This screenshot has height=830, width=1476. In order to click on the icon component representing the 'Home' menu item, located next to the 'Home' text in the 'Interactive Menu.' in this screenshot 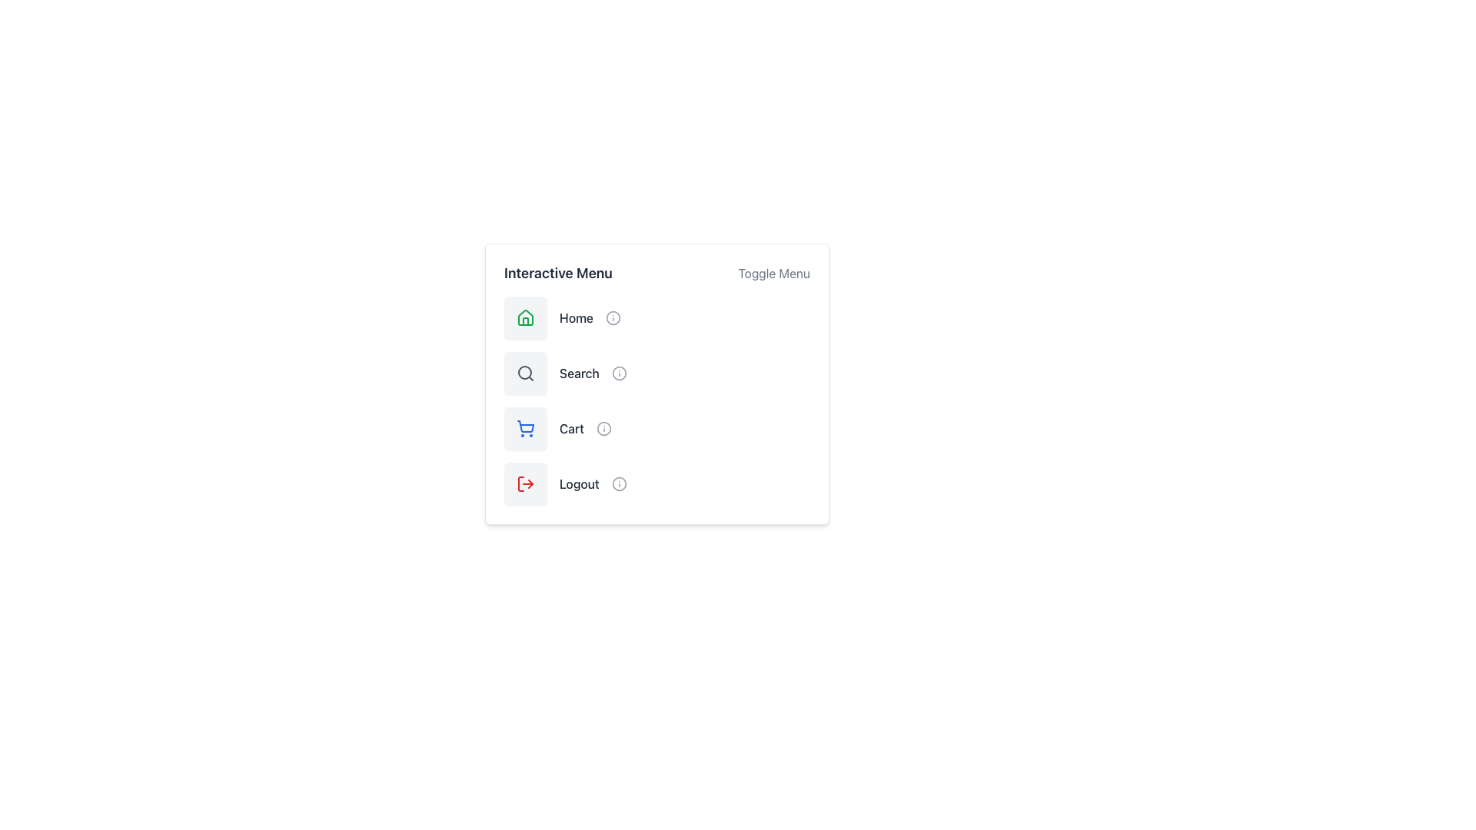, I will do `click(612, 317)`.